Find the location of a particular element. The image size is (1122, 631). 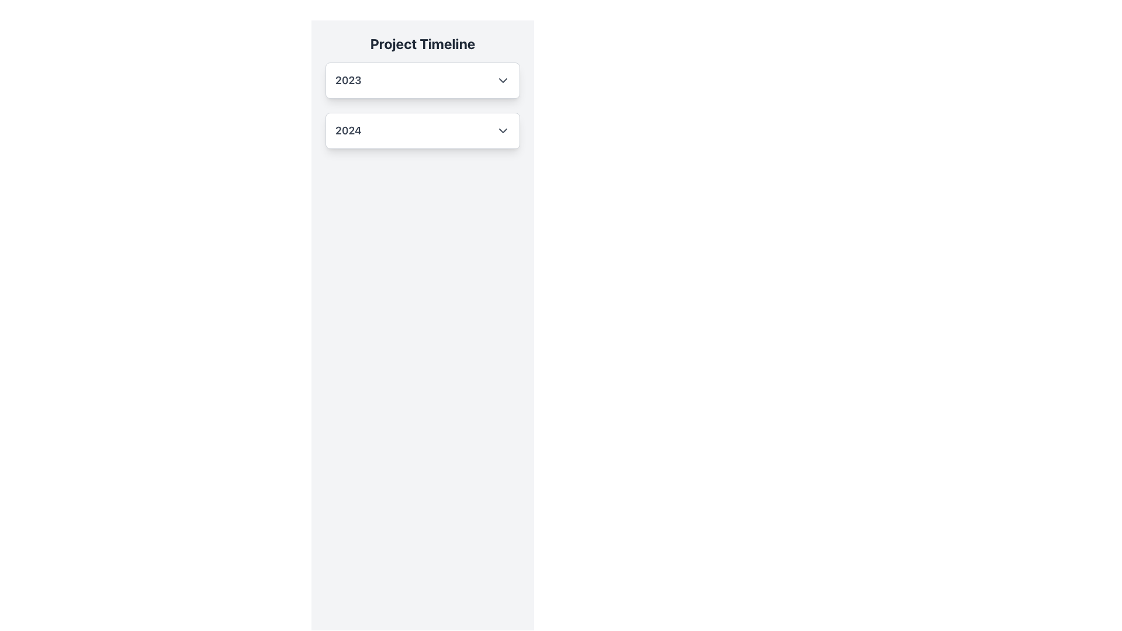

the text label displaying the number '2023', which is styled in large, bold gray font and located to the left of a dropdown arrow icon under the 'Project Timeline' heading is located at coordinates (348, 80).